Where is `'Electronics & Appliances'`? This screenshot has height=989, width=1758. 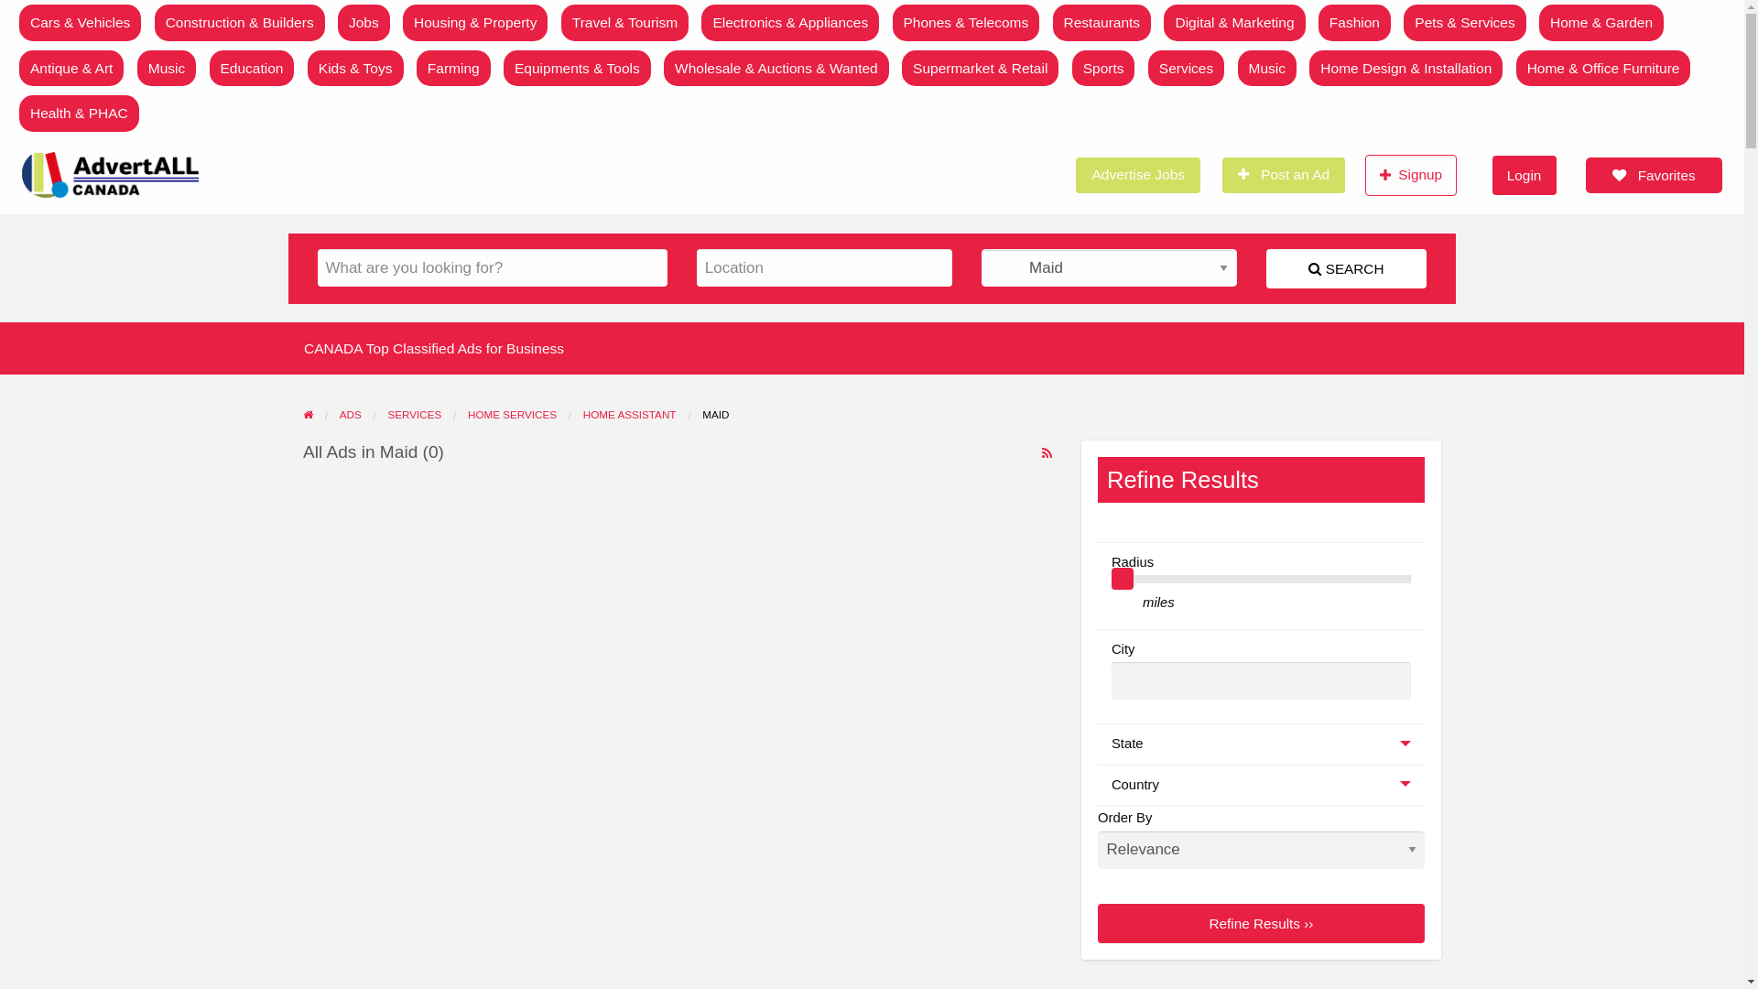 'Electronics & Appliances' is located at coordinates (790, 22).